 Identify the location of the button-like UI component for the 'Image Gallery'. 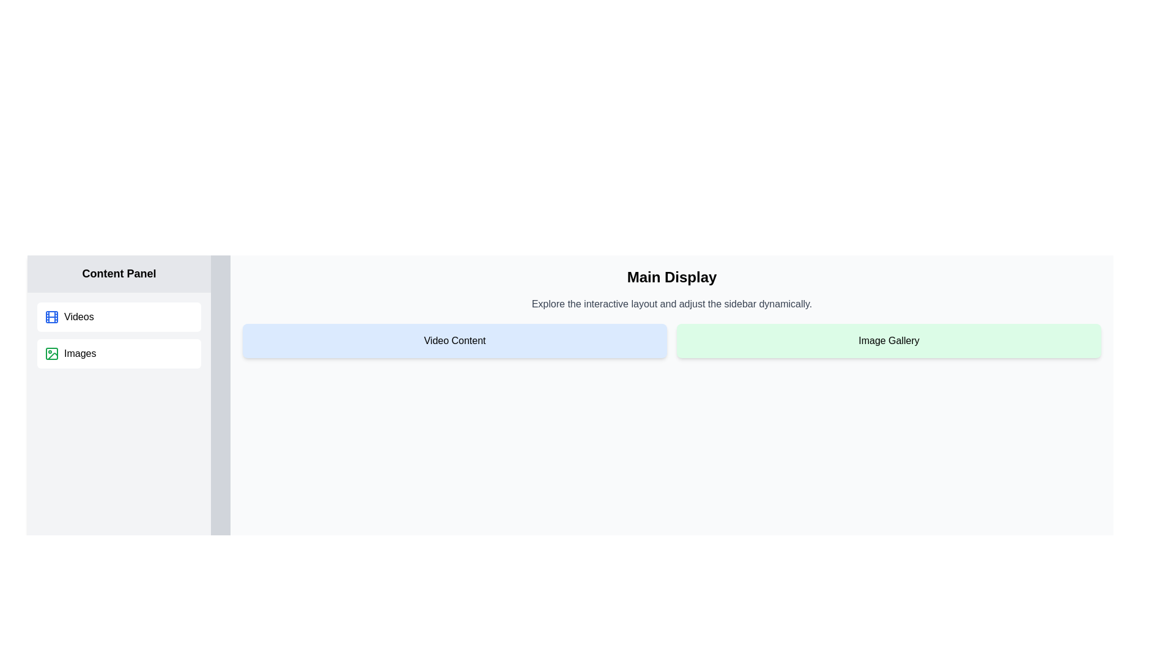
(889, 341).